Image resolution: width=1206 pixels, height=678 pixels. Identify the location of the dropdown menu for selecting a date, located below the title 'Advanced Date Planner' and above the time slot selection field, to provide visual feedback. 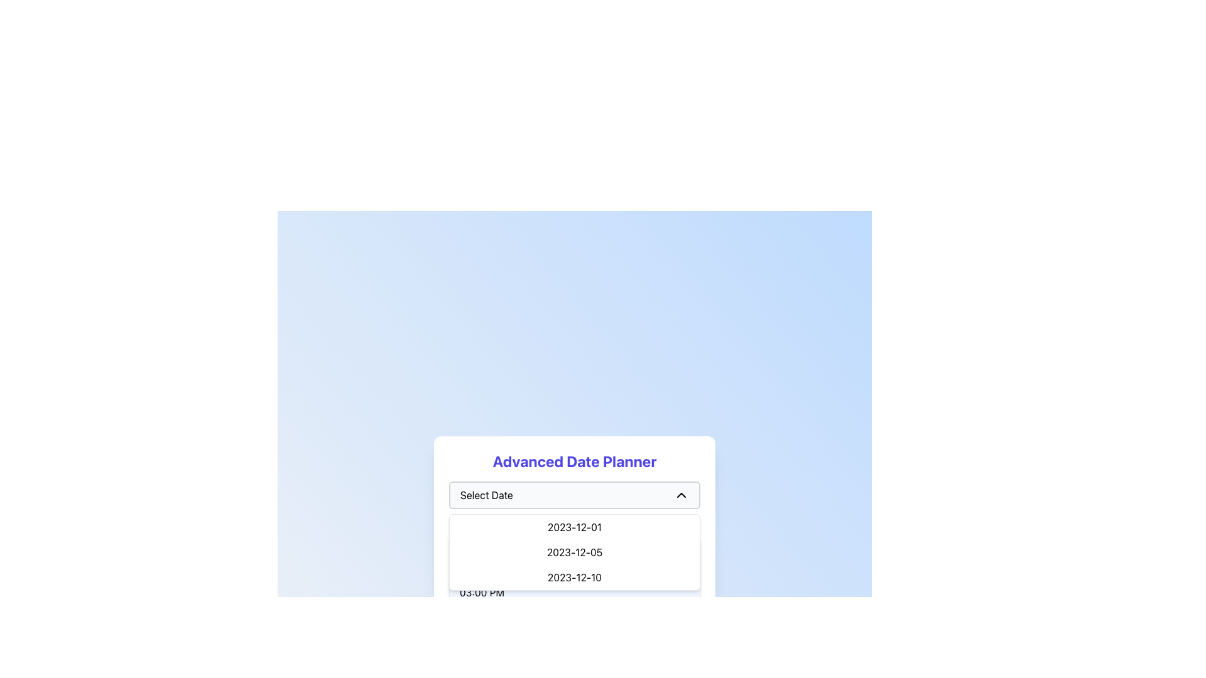
(574, 549).